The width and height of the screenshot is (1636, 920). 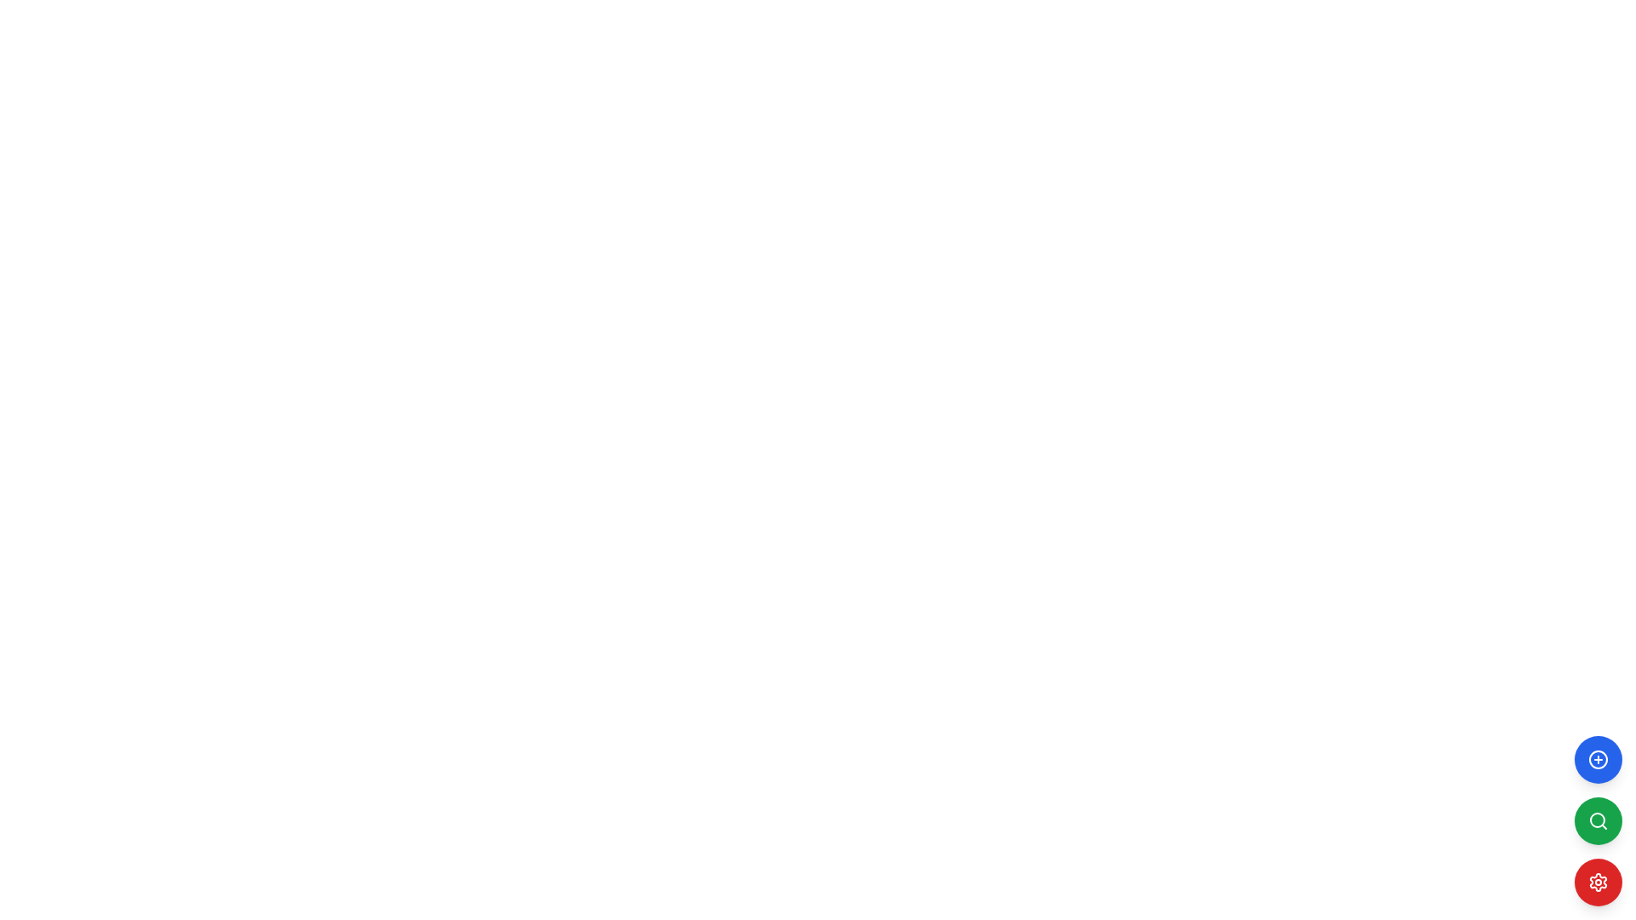 What do you see at coordinates (1598, 758) in the screenshot?
I see `the top-most circular '+' button with a blue background located in the bottom right corner of the interface` at bounding box center [1598, 758].